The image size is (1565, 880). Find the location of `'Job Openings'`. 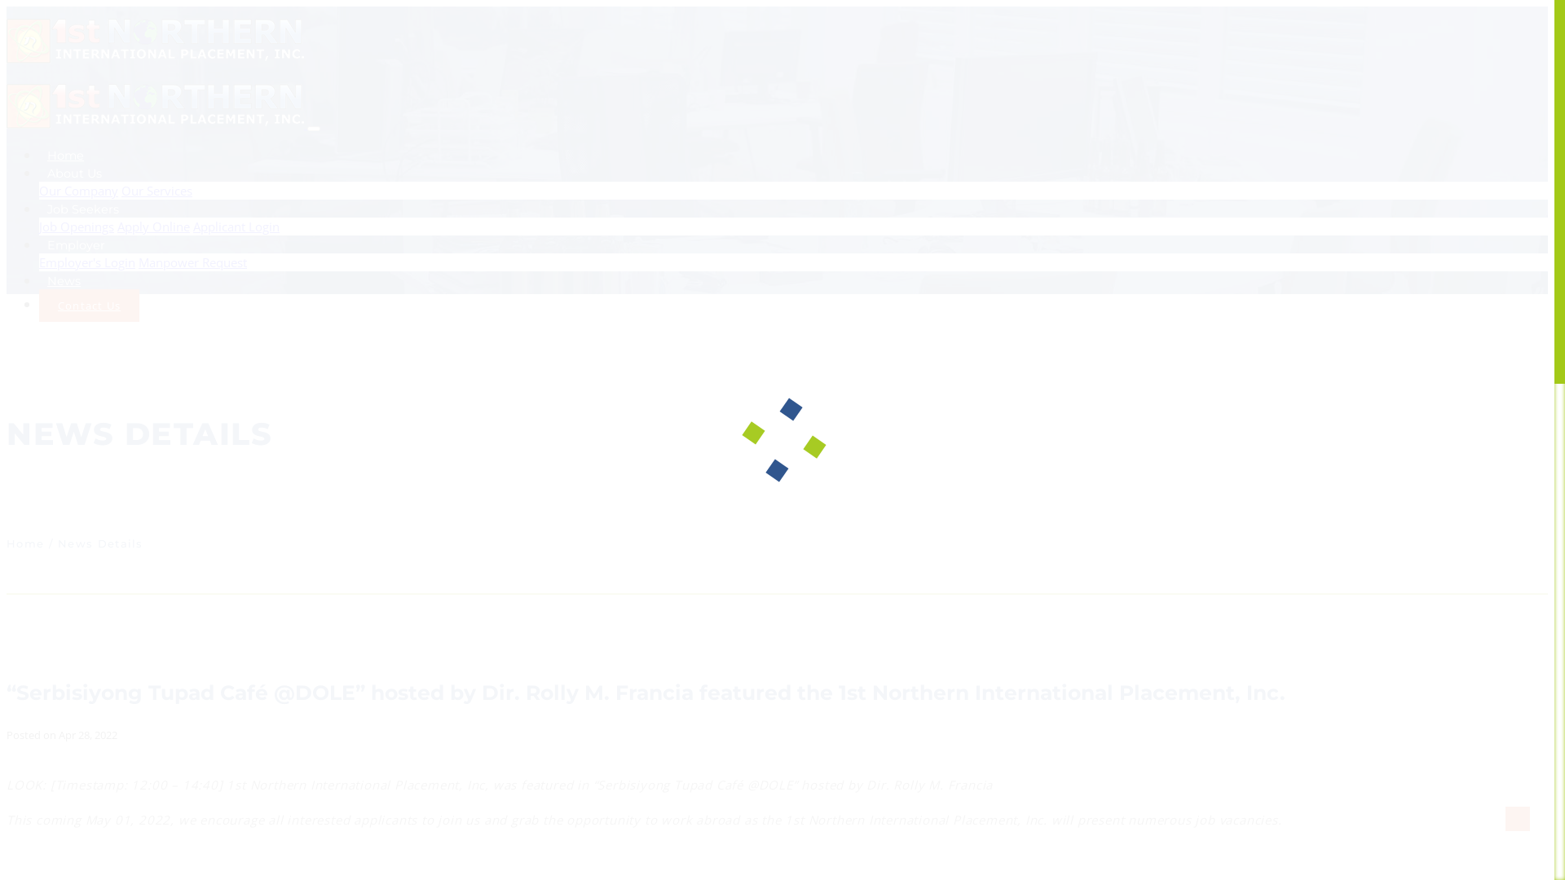

'Job Openings' is located at coordinates (76, 227).